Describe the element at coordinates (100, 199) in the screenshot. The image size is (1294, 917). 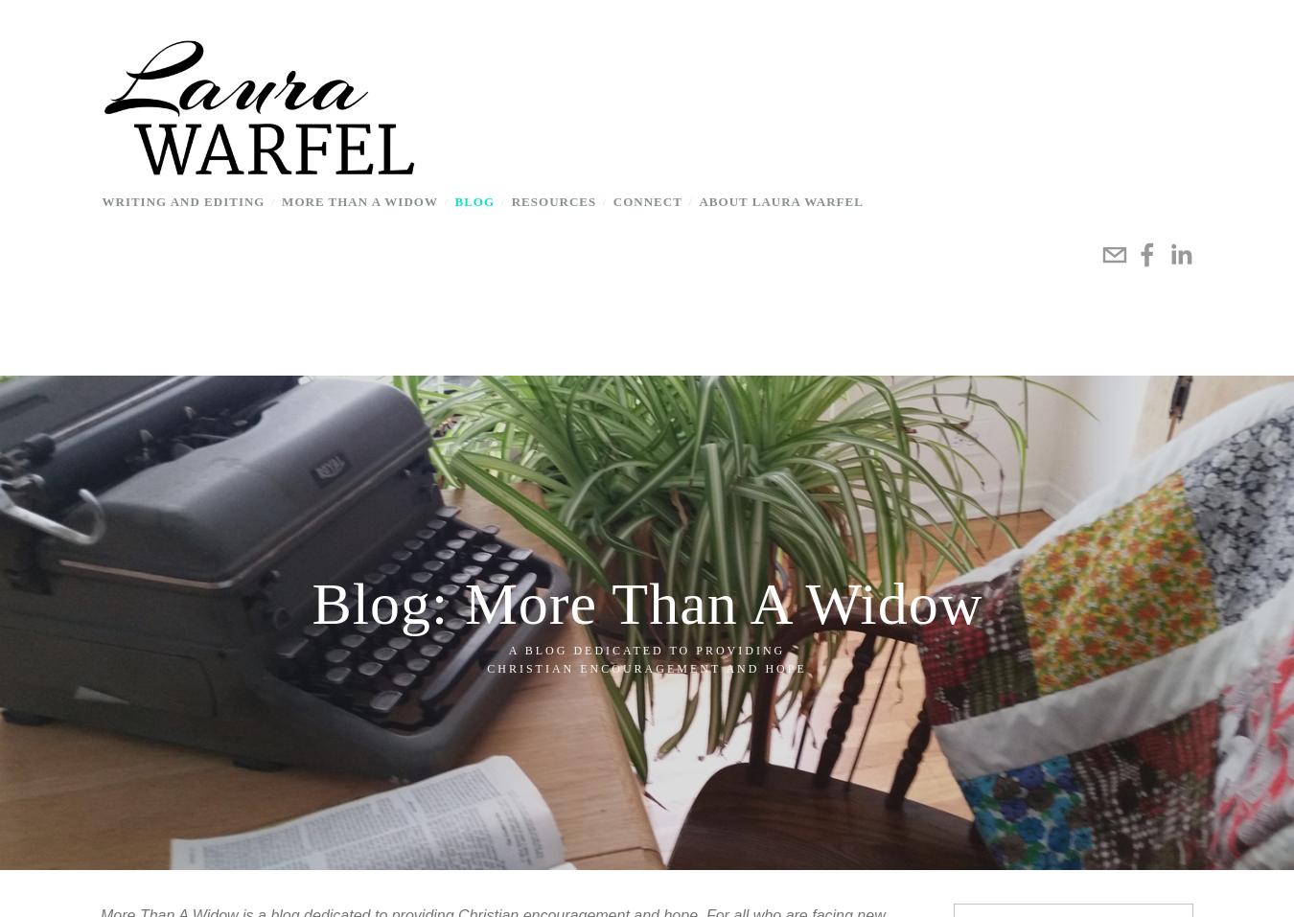
I see `'Writing and Editing'` at that location.